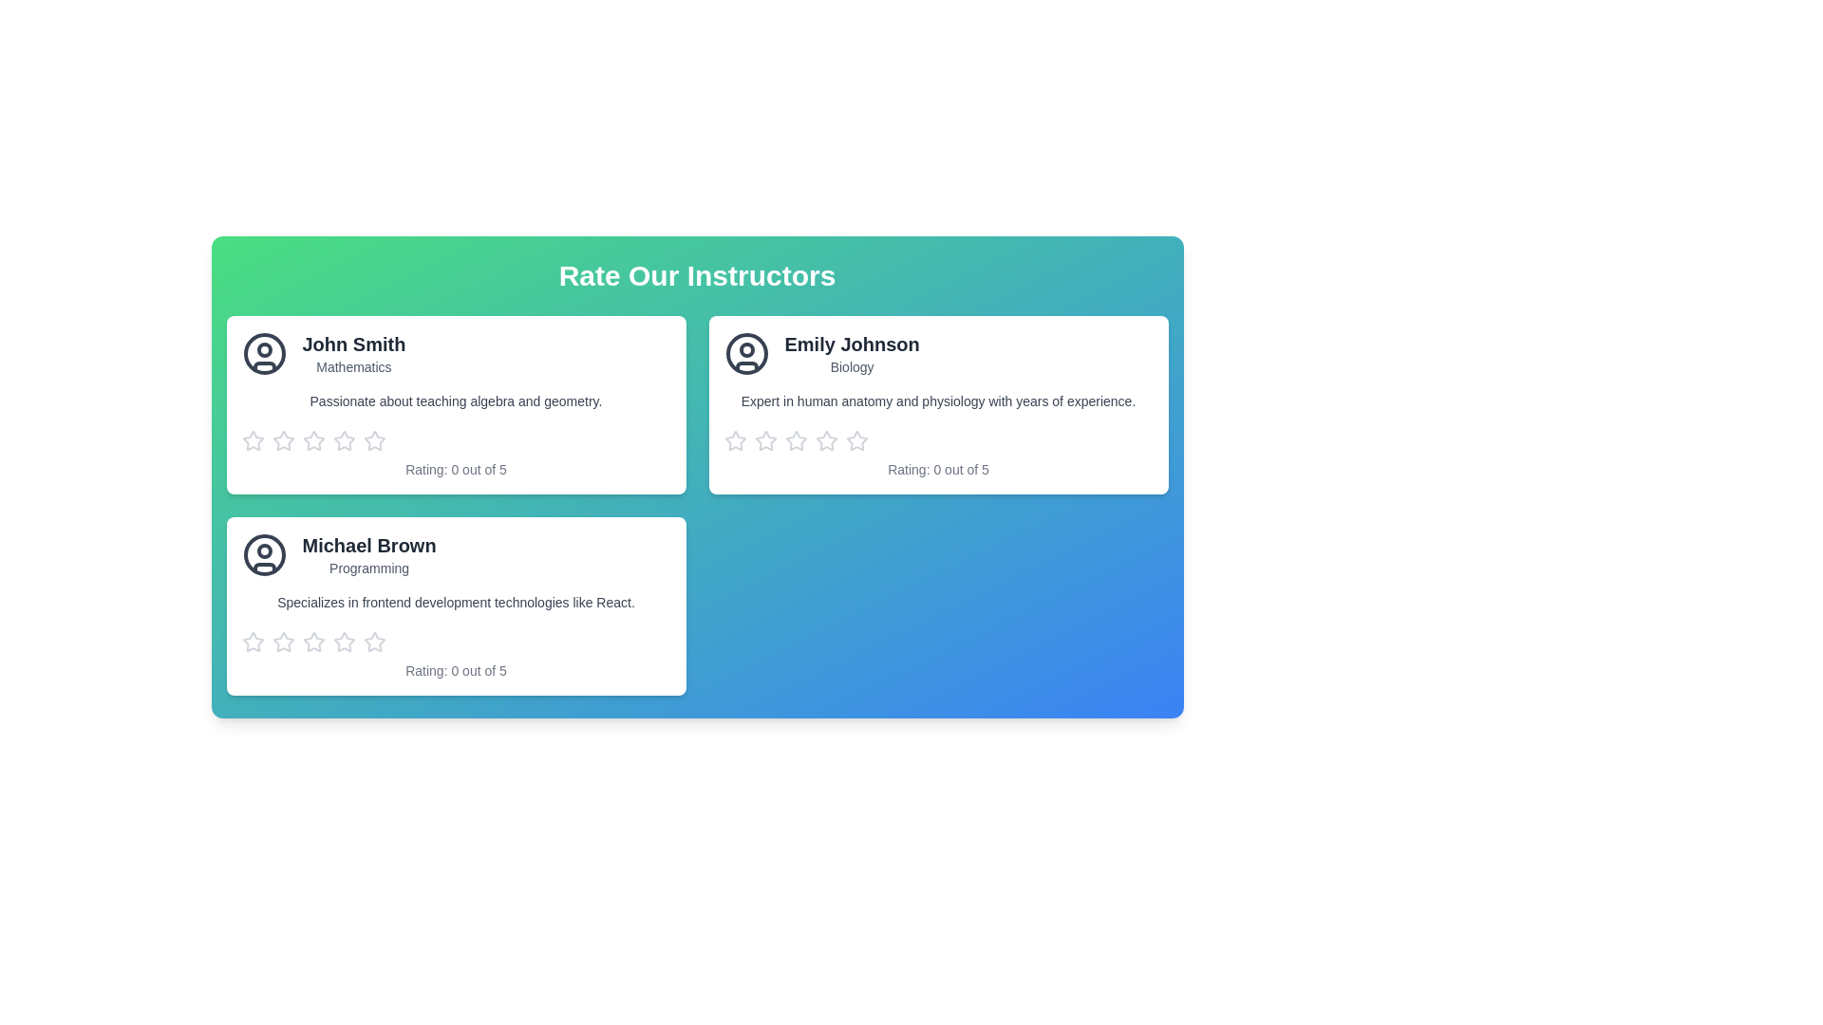  Describe the element at coordinates (368, 545) in the screenshot. I see `the Text label that displays the instructor's name, located at the top of the second instructor profile card in a 2x2 grid layout, directly above the text 'Programming'` at that location.